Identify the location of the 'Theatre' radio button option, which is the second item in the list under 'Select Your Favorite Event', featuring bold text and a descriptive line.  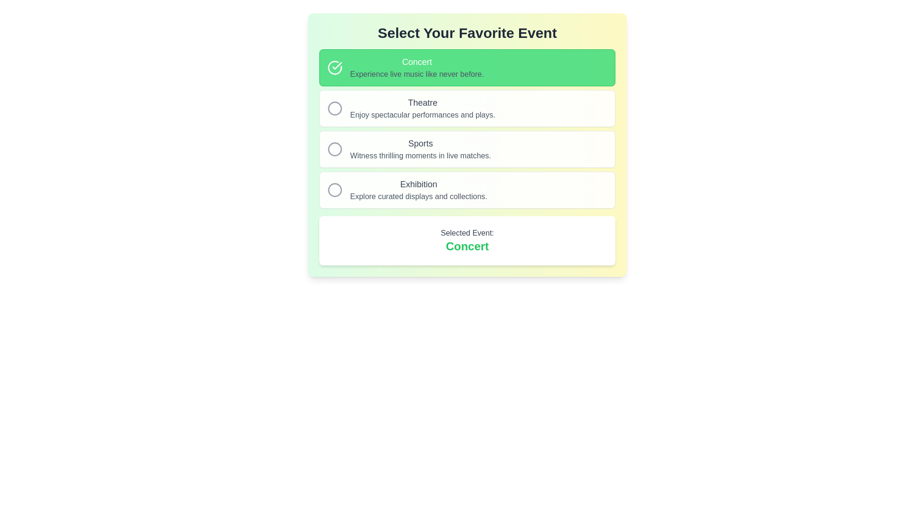
(467, 108).